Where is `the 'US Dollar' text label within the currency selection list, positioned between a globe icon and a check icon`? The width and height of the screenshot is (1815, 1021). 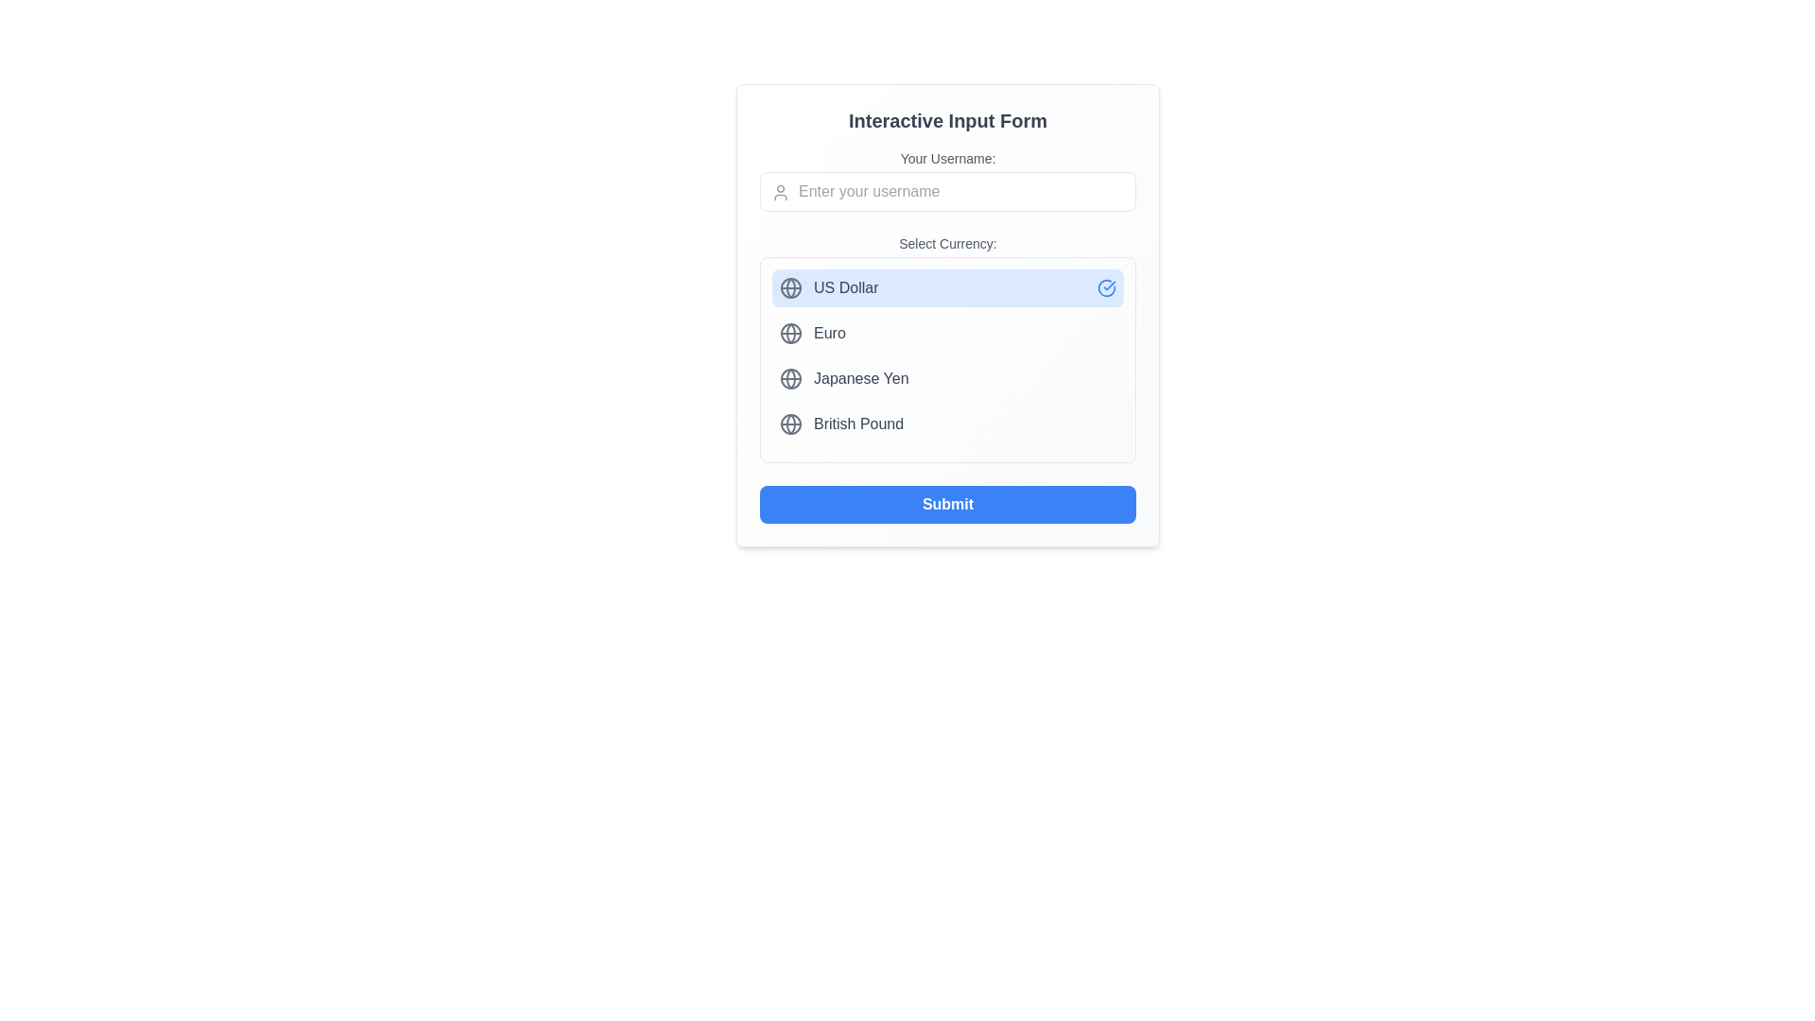
the 'US Dollar' text label within the currency selection list, positioned between a globe icon and a check icon is located at coordinates (845, 287).